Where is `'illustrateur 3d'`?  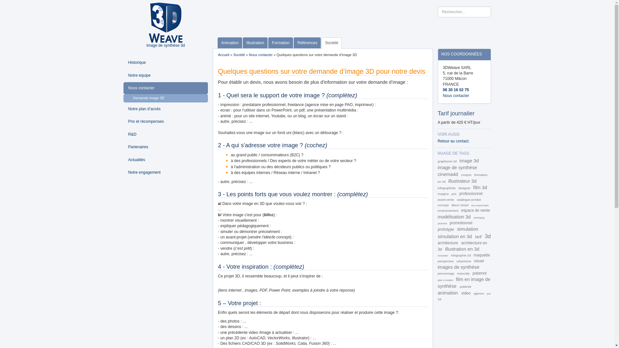 'illustrateur 3d' is located at coordinates (448, 181).